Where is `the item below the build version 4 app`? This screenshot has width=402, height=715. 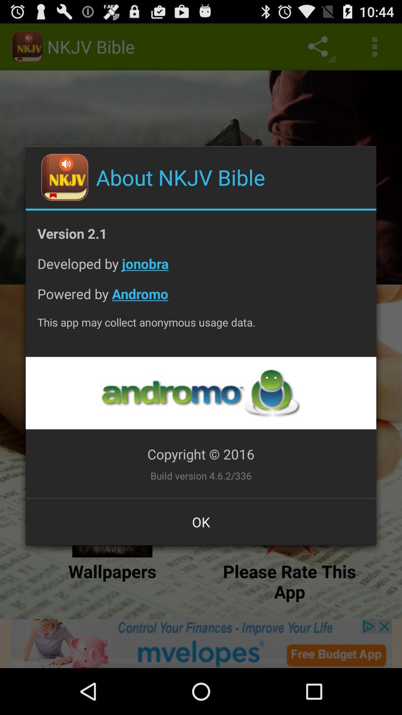 the item below the build version 4 app is located at coordinates (201, 521).